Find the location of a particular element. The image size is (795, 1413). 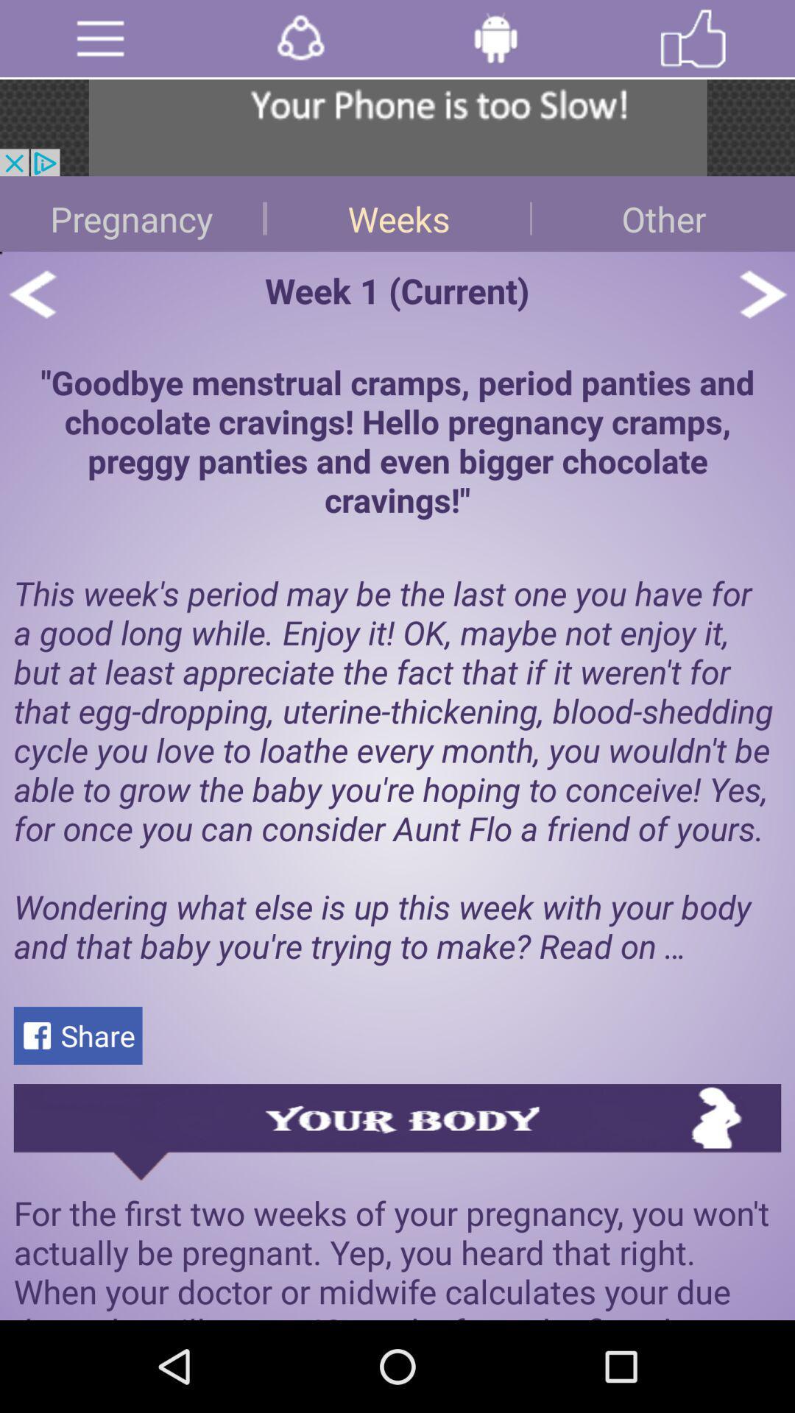

like the application is located at coordinates (693, 38).